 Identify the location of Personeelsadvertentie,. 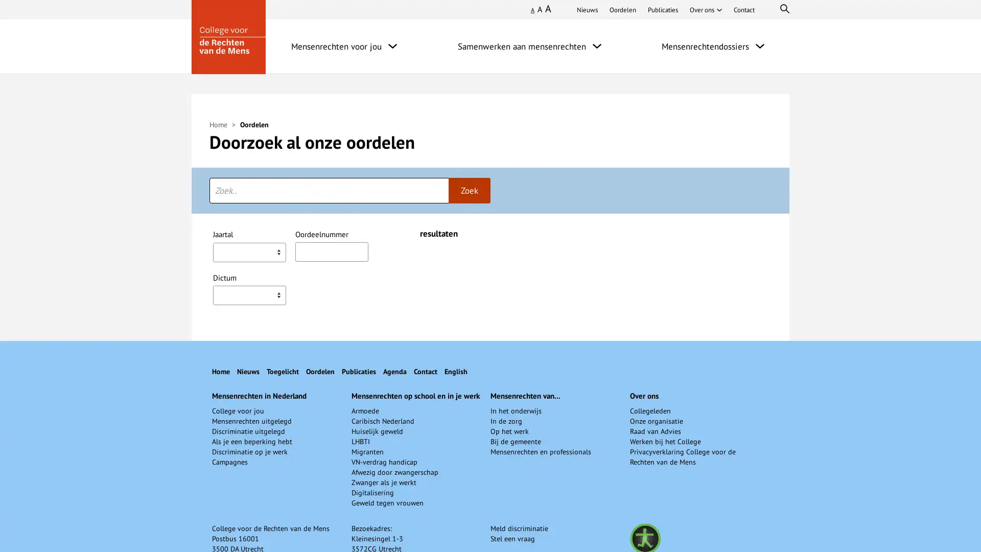
(707, 524).